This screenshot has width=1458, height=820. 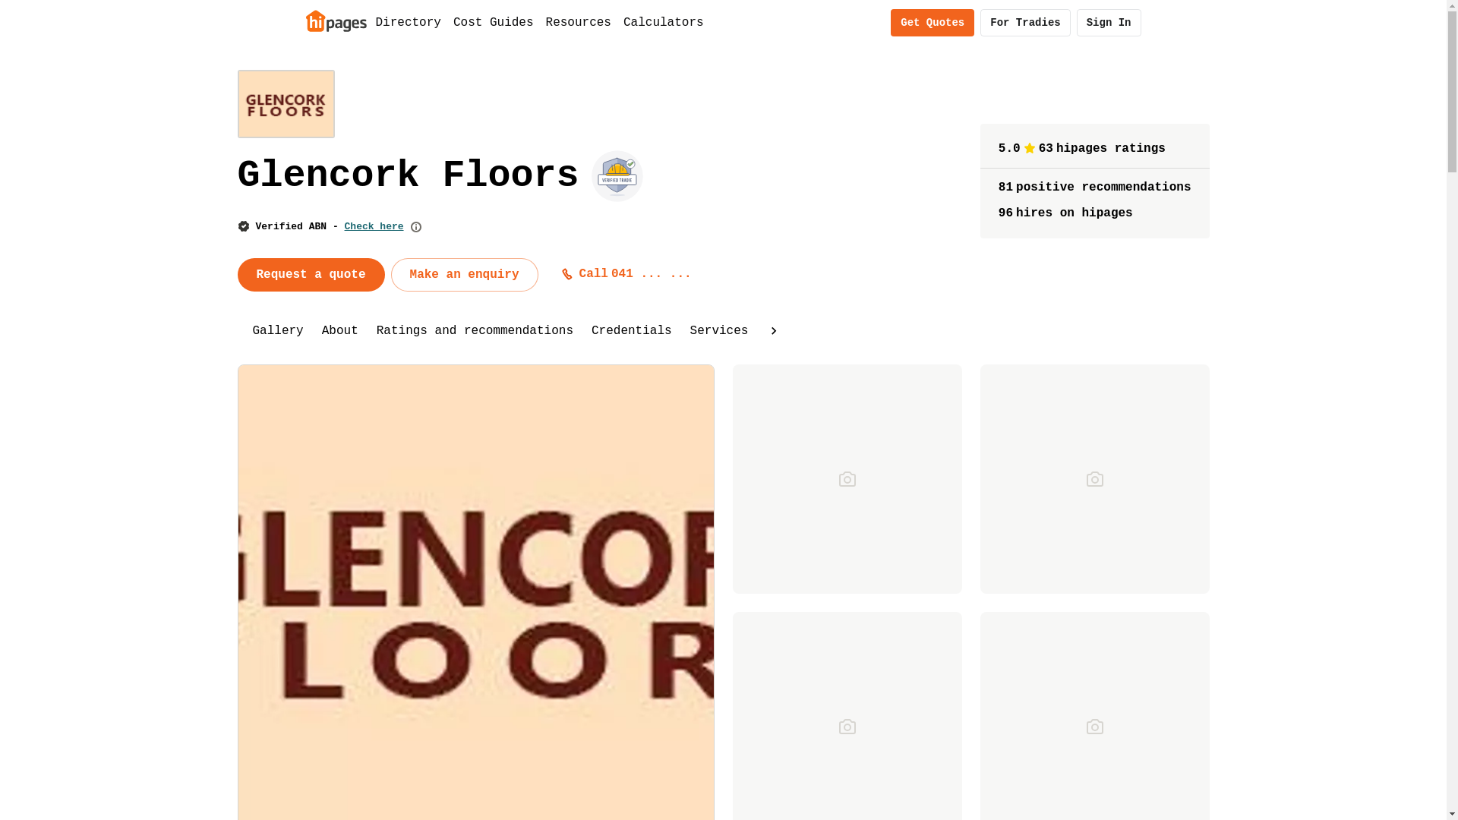 What do you see at coordinates (463, 275) in the screenshot?
I see `'Make an enquiry'` at bounding box center [463, 275].